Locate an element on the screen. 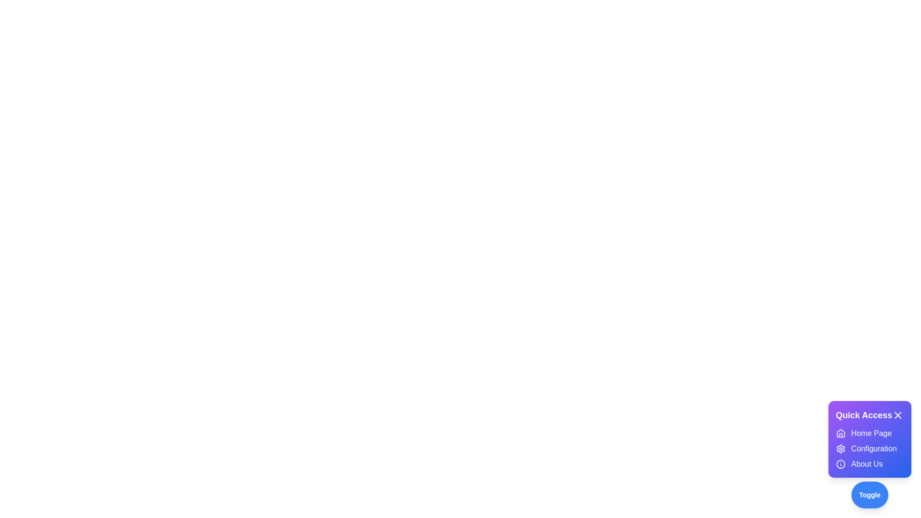 This screenshot has height=518, width=921. the toggle switch button located at the bottom-right corner of the 'Quick Access' section to change its background color is located at coordinates (870, 495).